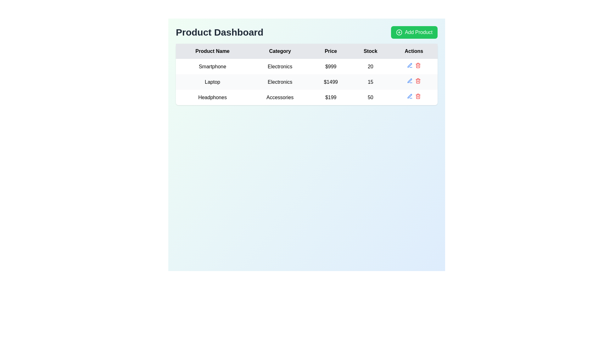  What do you see at coordinates (410, 65) in the screenshot?
I see `the Interactive Icon (Edit Button) in the Actions column of the first row for the 'Smartphone' product to initiate the edit action` at bounding box center [410, 65].